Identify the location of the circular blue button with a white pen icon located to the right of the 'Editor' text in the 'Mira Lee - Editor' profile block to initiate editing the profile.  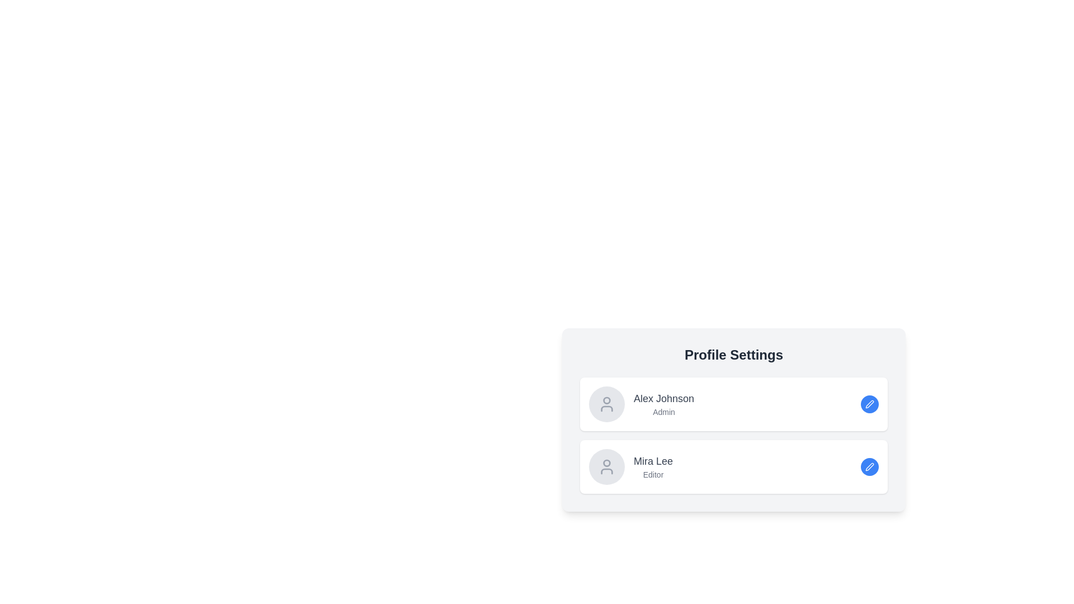
(869, 466).